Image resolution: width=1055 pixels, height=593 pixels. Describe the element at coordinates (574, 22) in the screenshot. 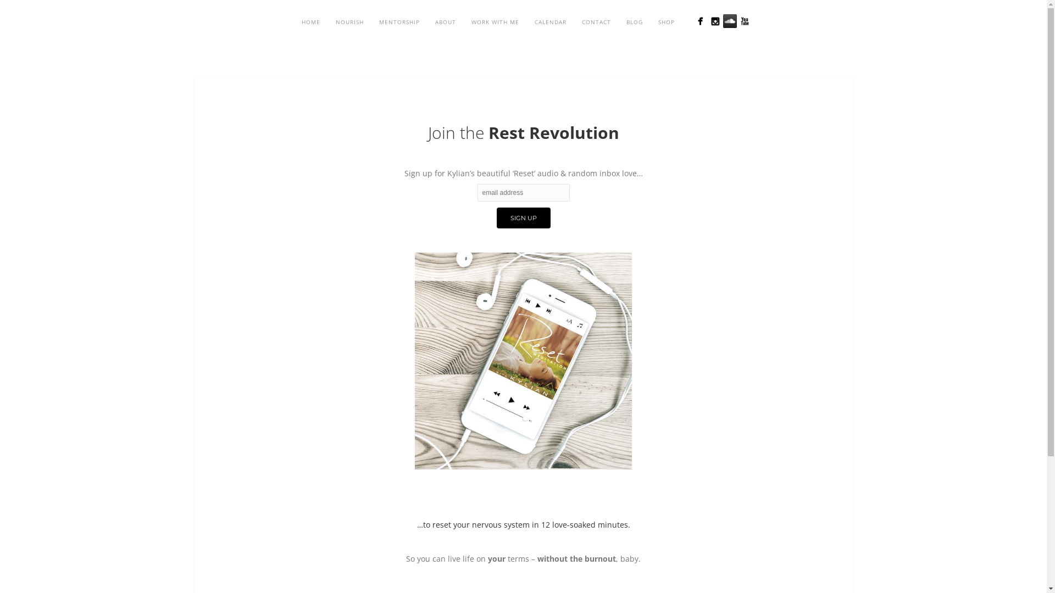

I see `'CONTACT'` at that location.